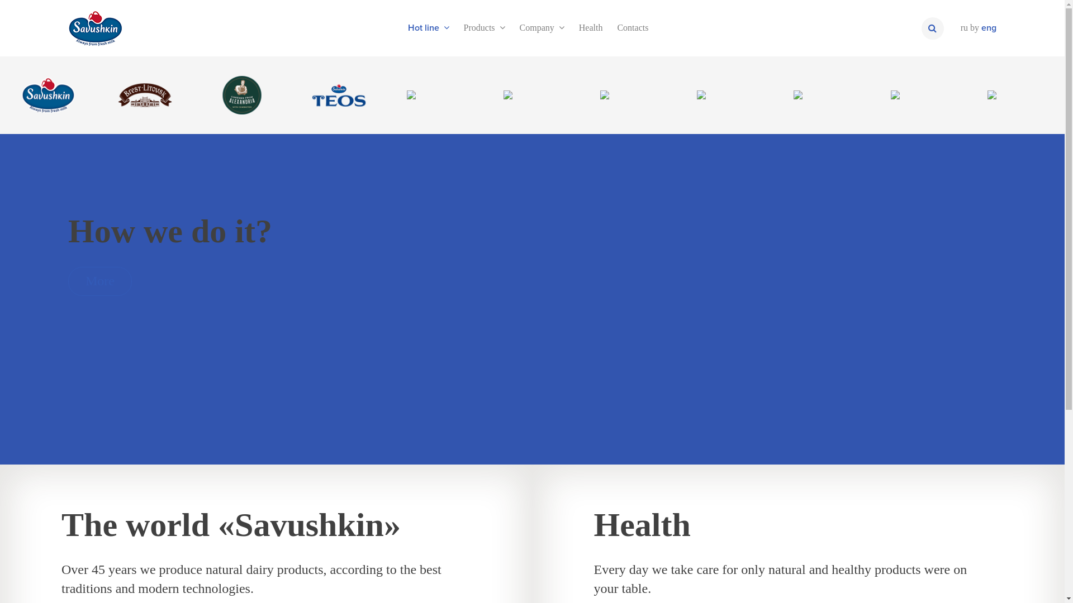 This screenshot has height=603, width=1073. Describe the element at coordinates (485, 27) in the screenshot. I see `'Products'` at that location.